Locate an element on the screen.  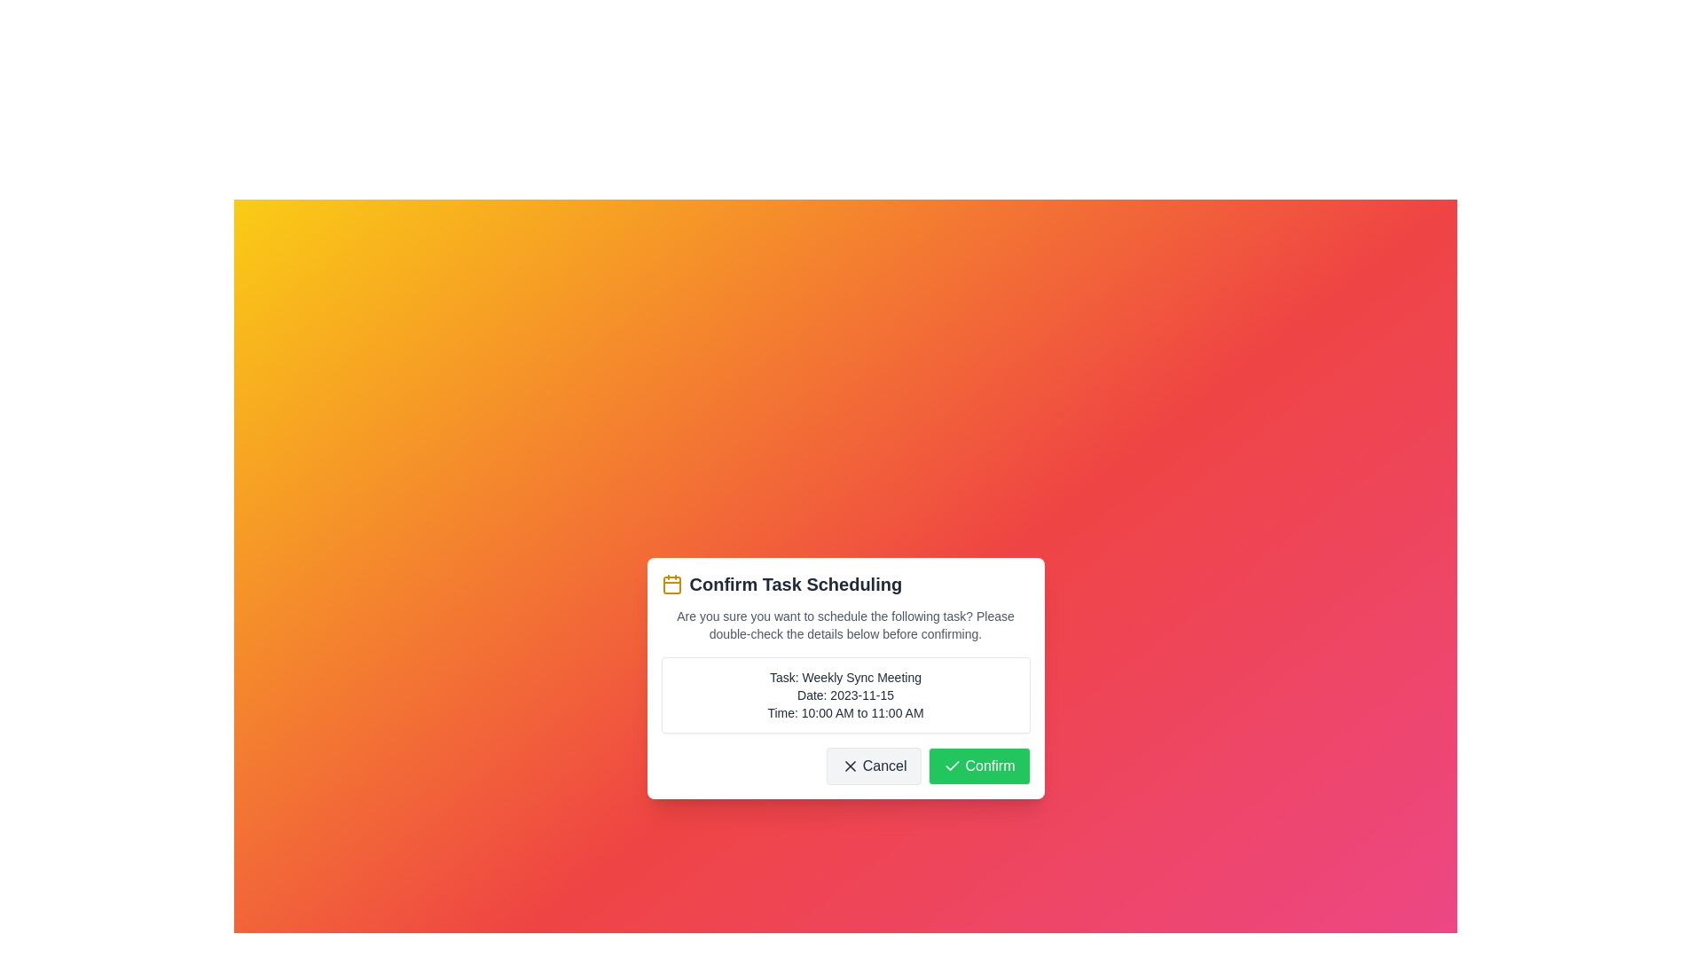
the Confirm button icon located in the bottom bar of the confirmation dialog, specifically centered in the green rectangular button next to the Cancel button is located at coordinates (952, 765).